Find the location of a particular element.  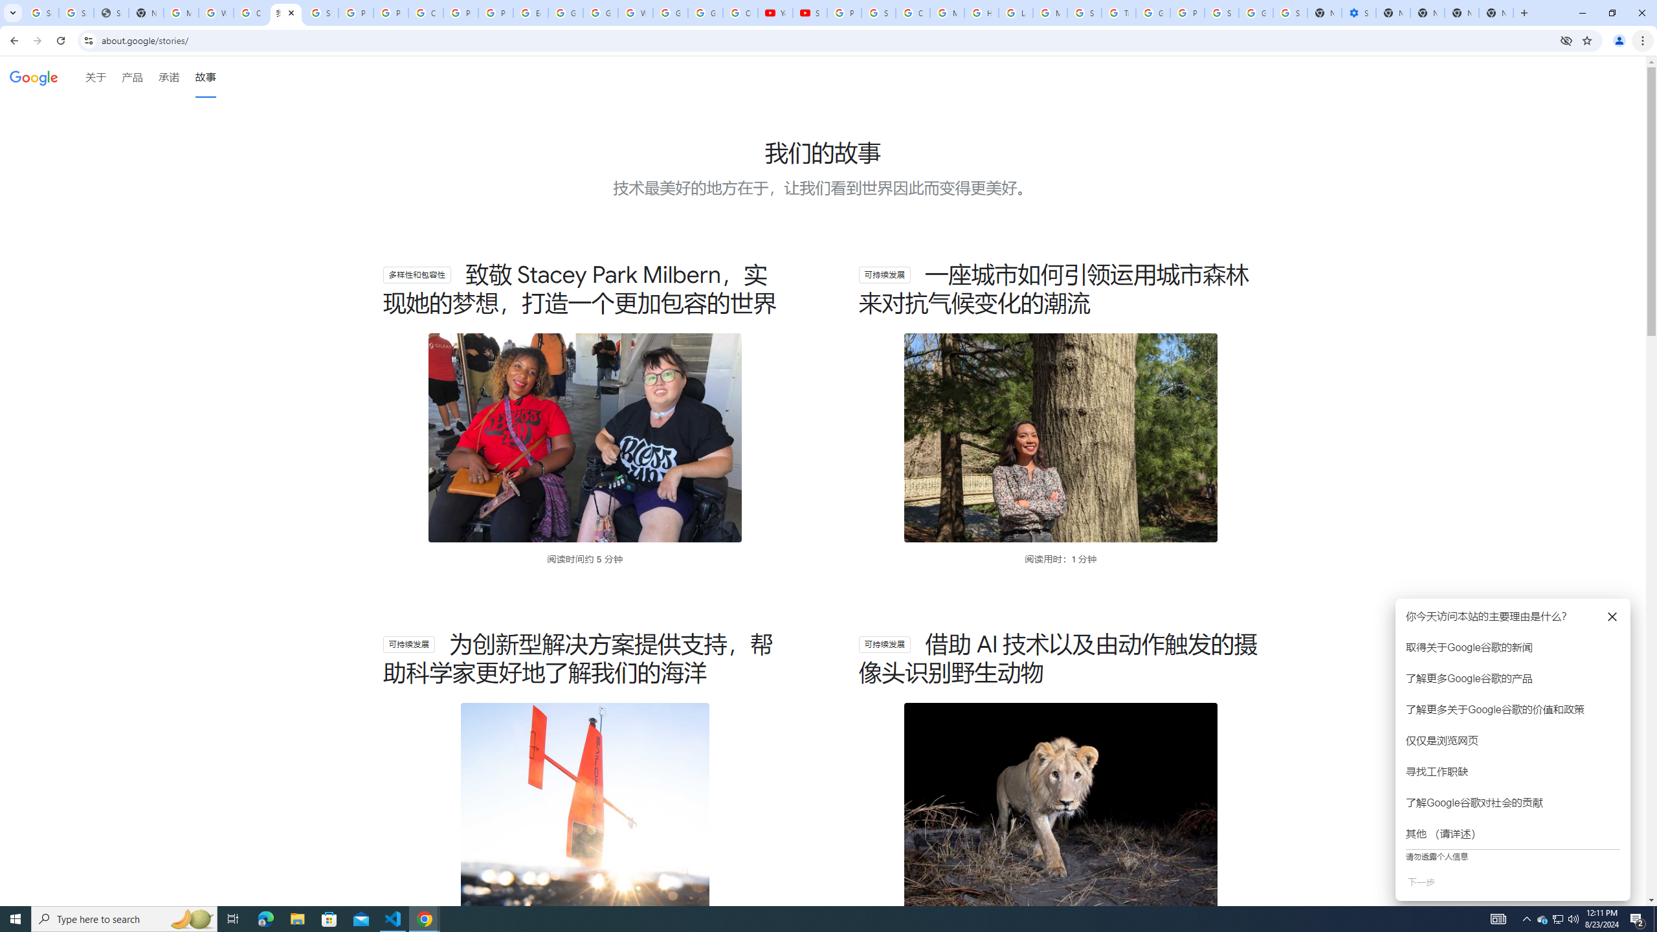

'Welcome to My Activity' is located at coordinates (636, 12).